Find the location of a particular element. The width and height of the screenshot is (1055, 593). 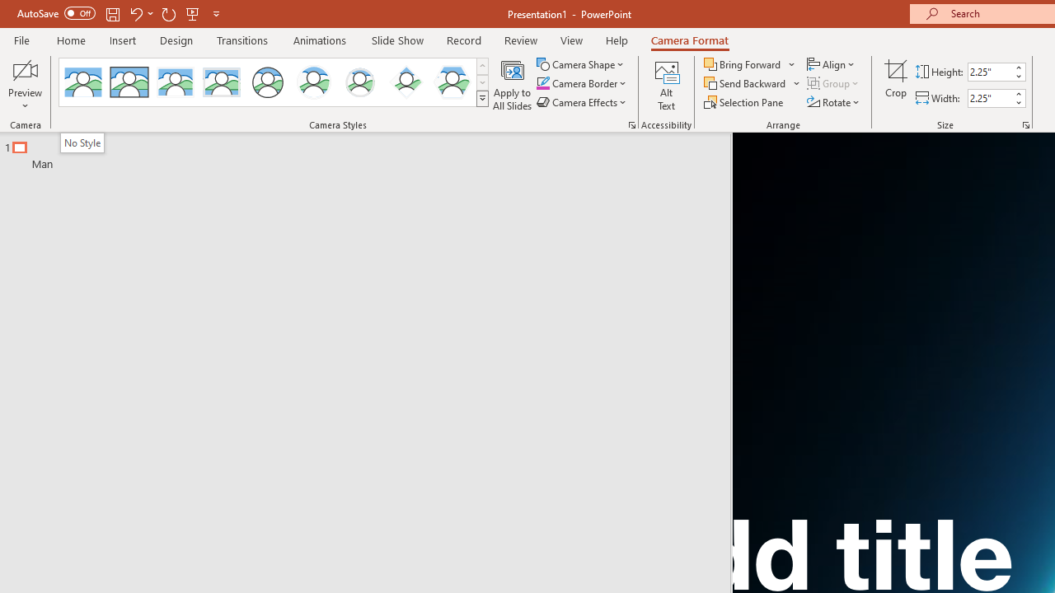

'Camera Styles' is located at coordinates (481, 99).